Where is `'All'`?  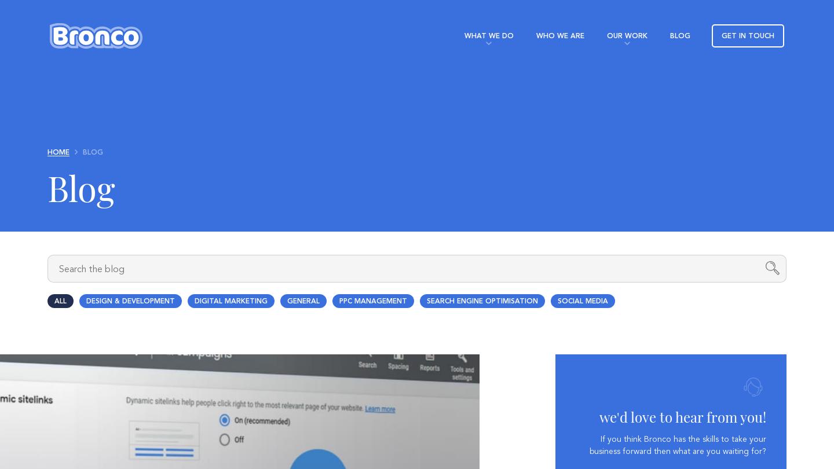 'All' is located at coordinates (60, 301).